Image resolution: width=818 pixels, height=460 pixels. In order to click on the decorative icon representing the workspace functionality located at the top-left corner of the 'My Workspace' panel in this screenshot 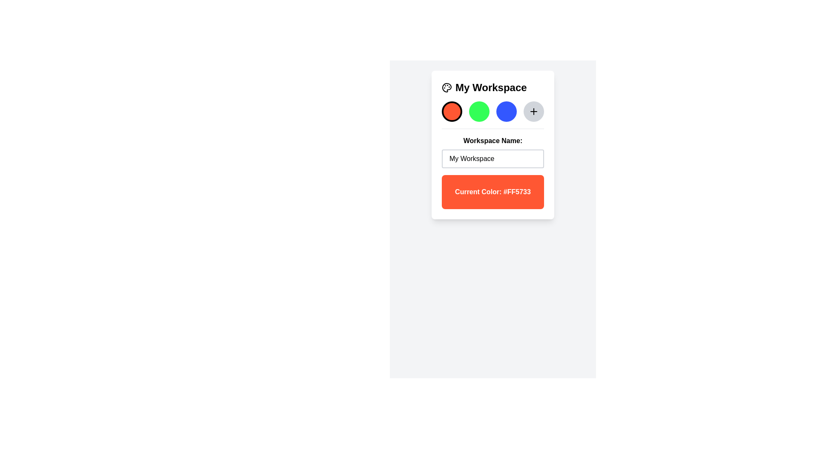, I will do `click(446, 87)`.